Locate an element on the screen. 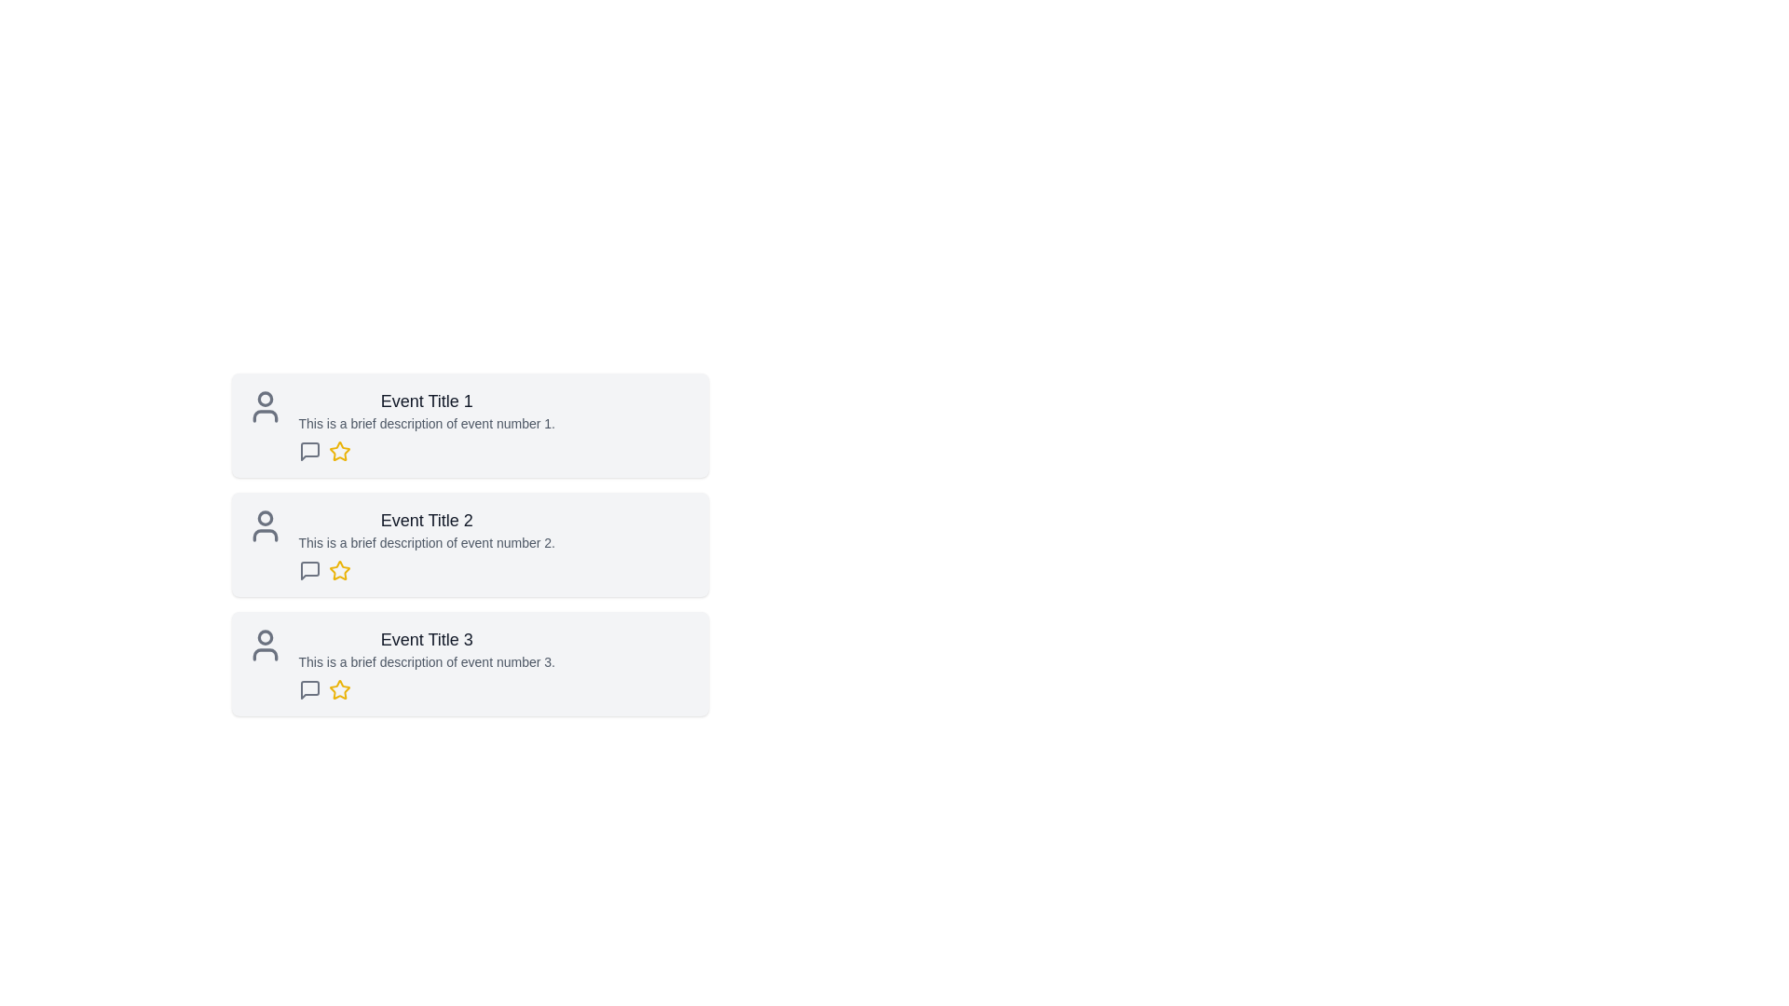 Image resolution: width=1789 pixels, height=1006 pixels. the text label reading 'Event Title 3', which is styled in bold dark gray text against a light gray background, located in the third event list item is located at coordinates (426, 638).